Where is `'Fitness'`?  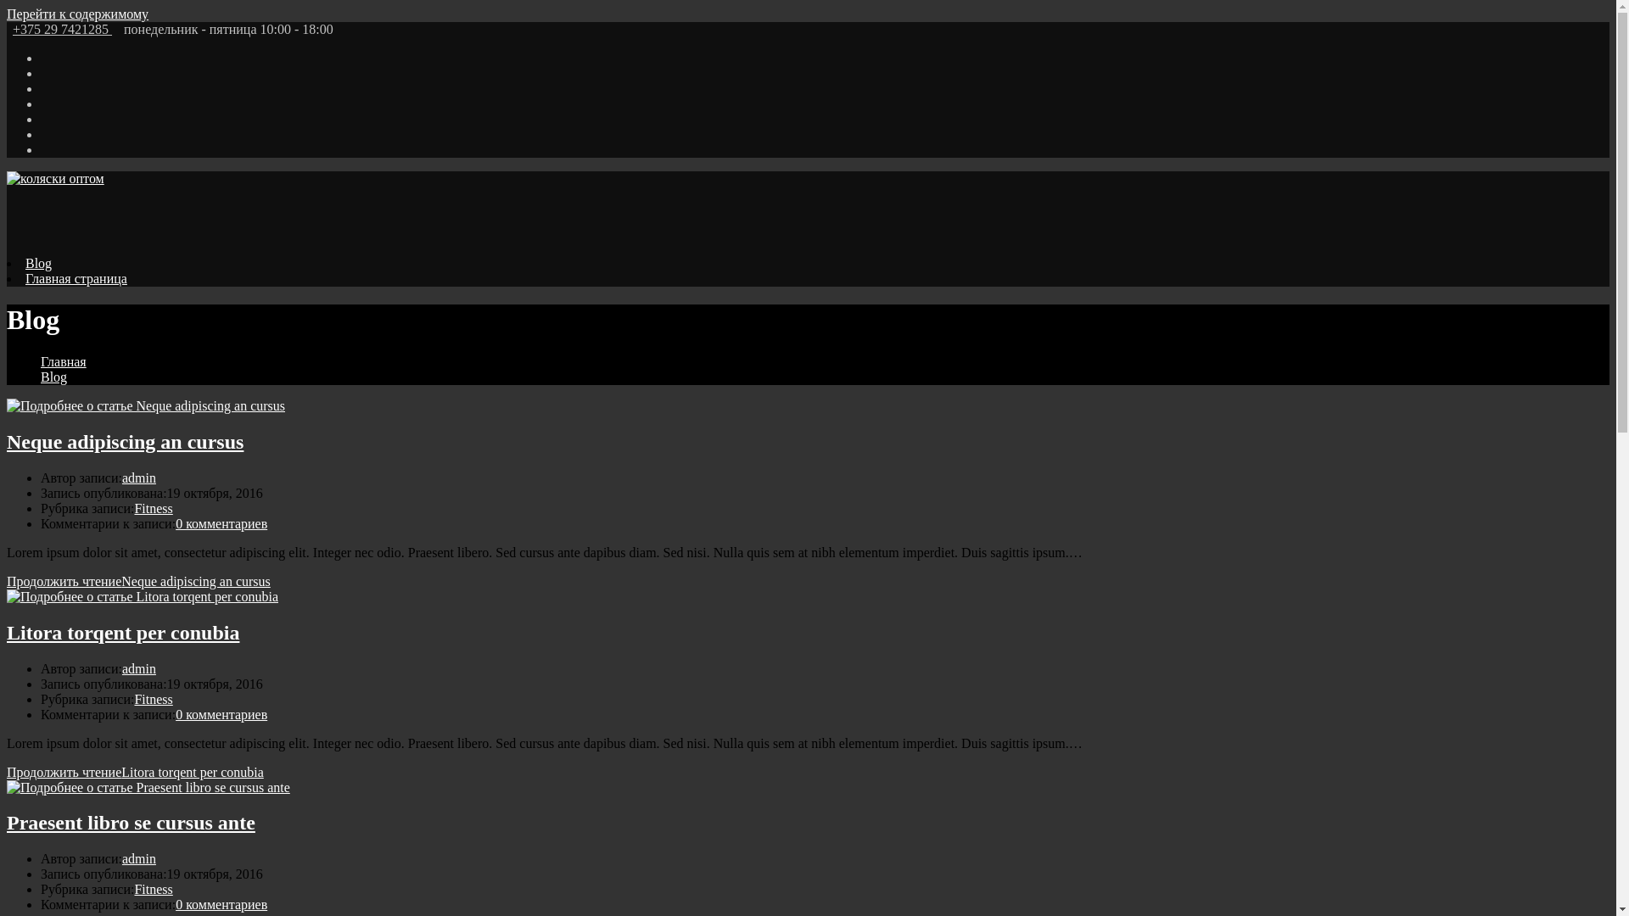
'Fitness' is located at coordinates (133, 507).